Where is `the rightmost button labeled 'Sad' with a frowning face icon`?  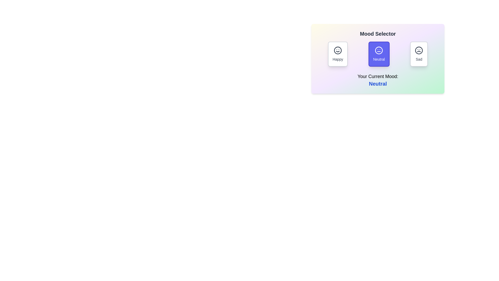 the rightmost button labeled 'Sad' with a frowning face icon is located at coordinates (419, 54).